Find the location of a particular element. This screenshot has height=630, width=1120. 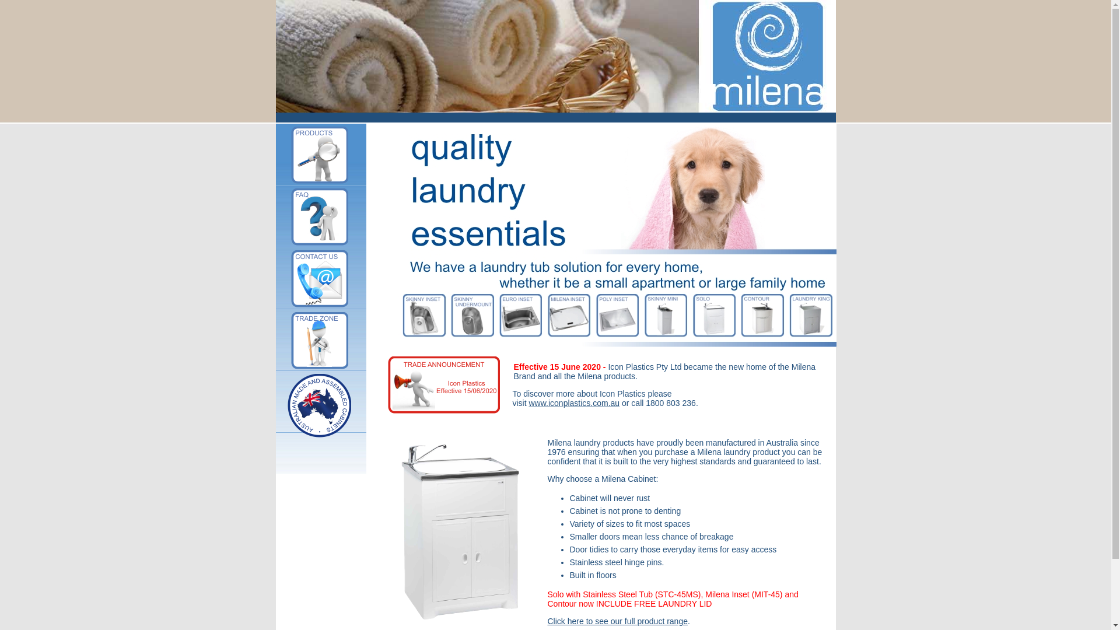

'Click here to see our full product range' is located at coordinates (616, 620).